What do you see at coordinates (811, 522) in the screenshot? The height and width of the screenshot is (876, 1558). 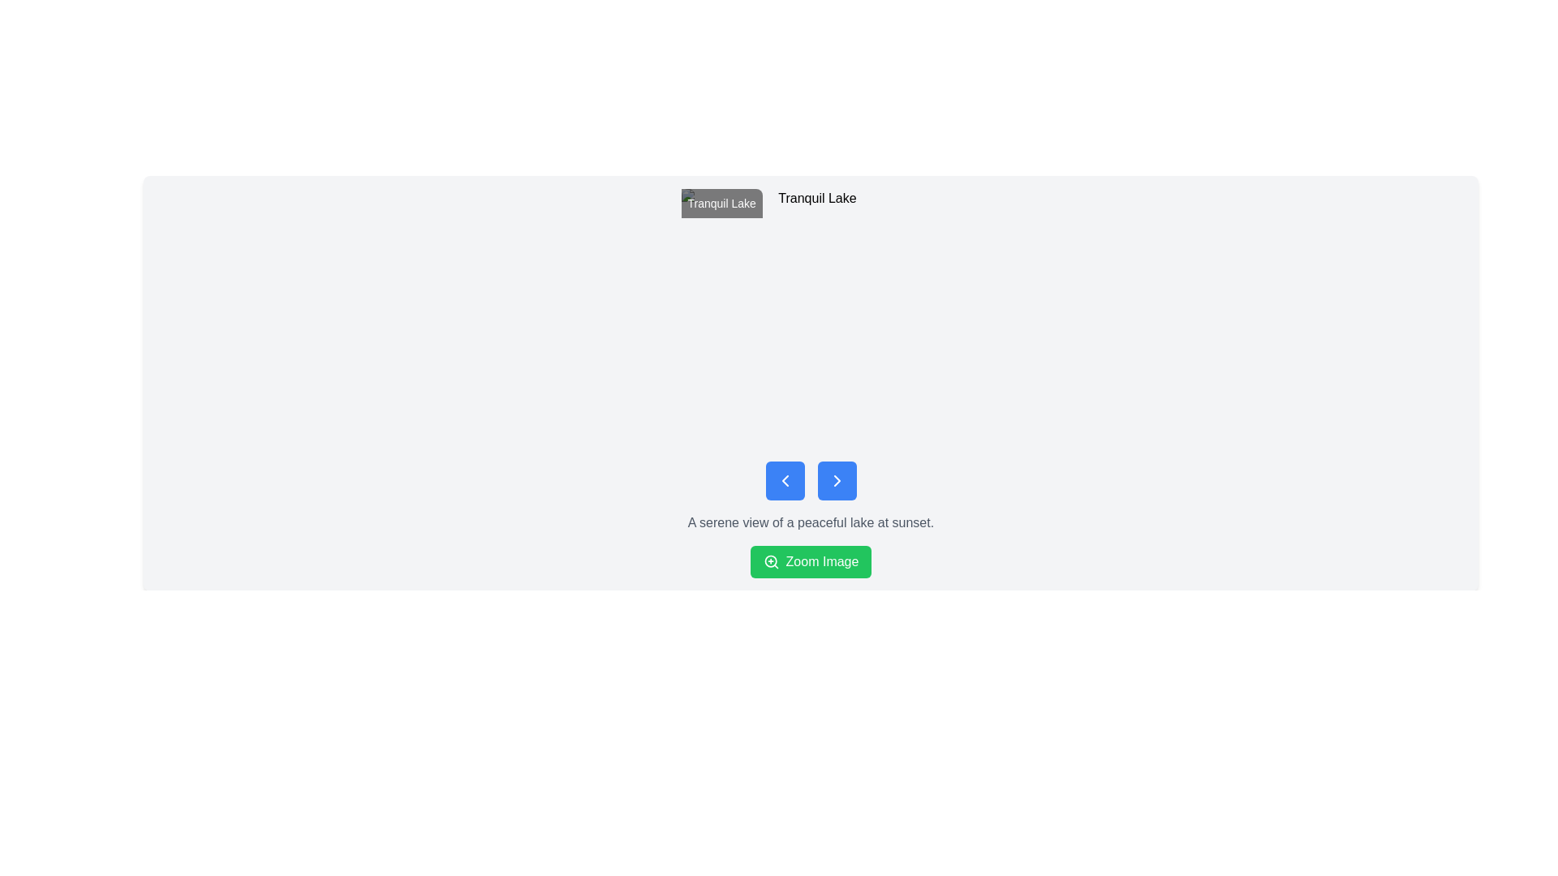 I see `descriptive text label that provides information about the image or module it describes, positioned beneath the blue navigation buttons and above the 'Zoom Image' button` at bounding box center [811, 522].